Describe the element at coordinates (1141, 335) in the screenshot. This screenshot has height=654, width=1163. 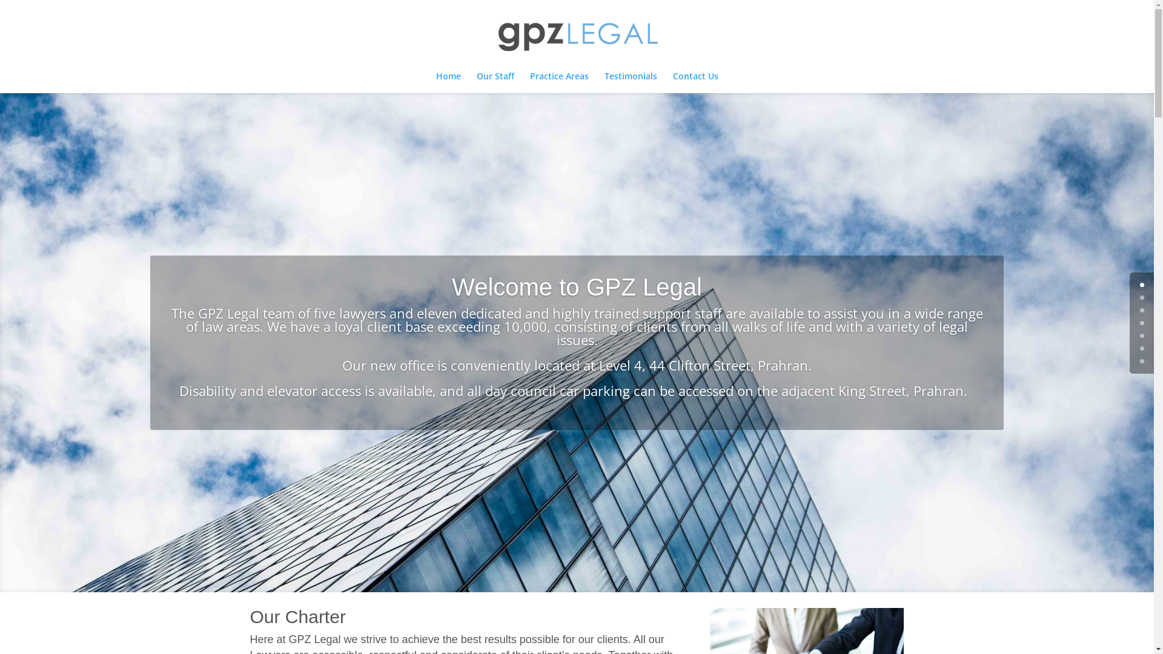
I see `'4'` at that location.